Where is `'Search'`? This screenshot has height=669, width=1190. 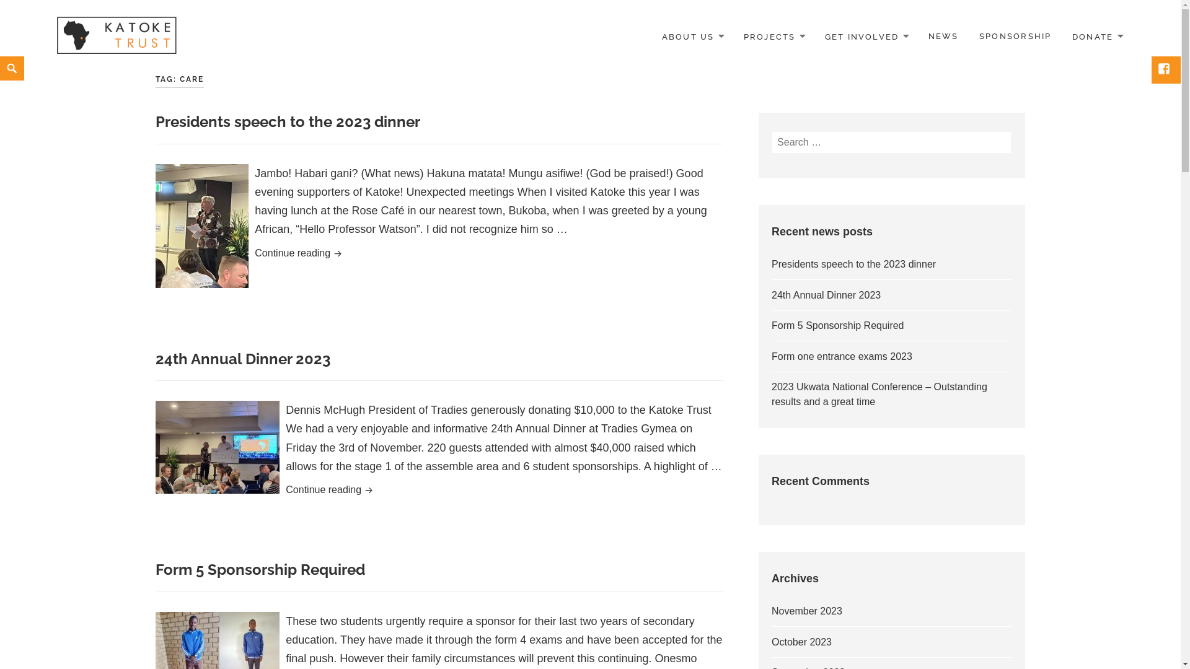
'Search' is located at coordinates (3, 56).